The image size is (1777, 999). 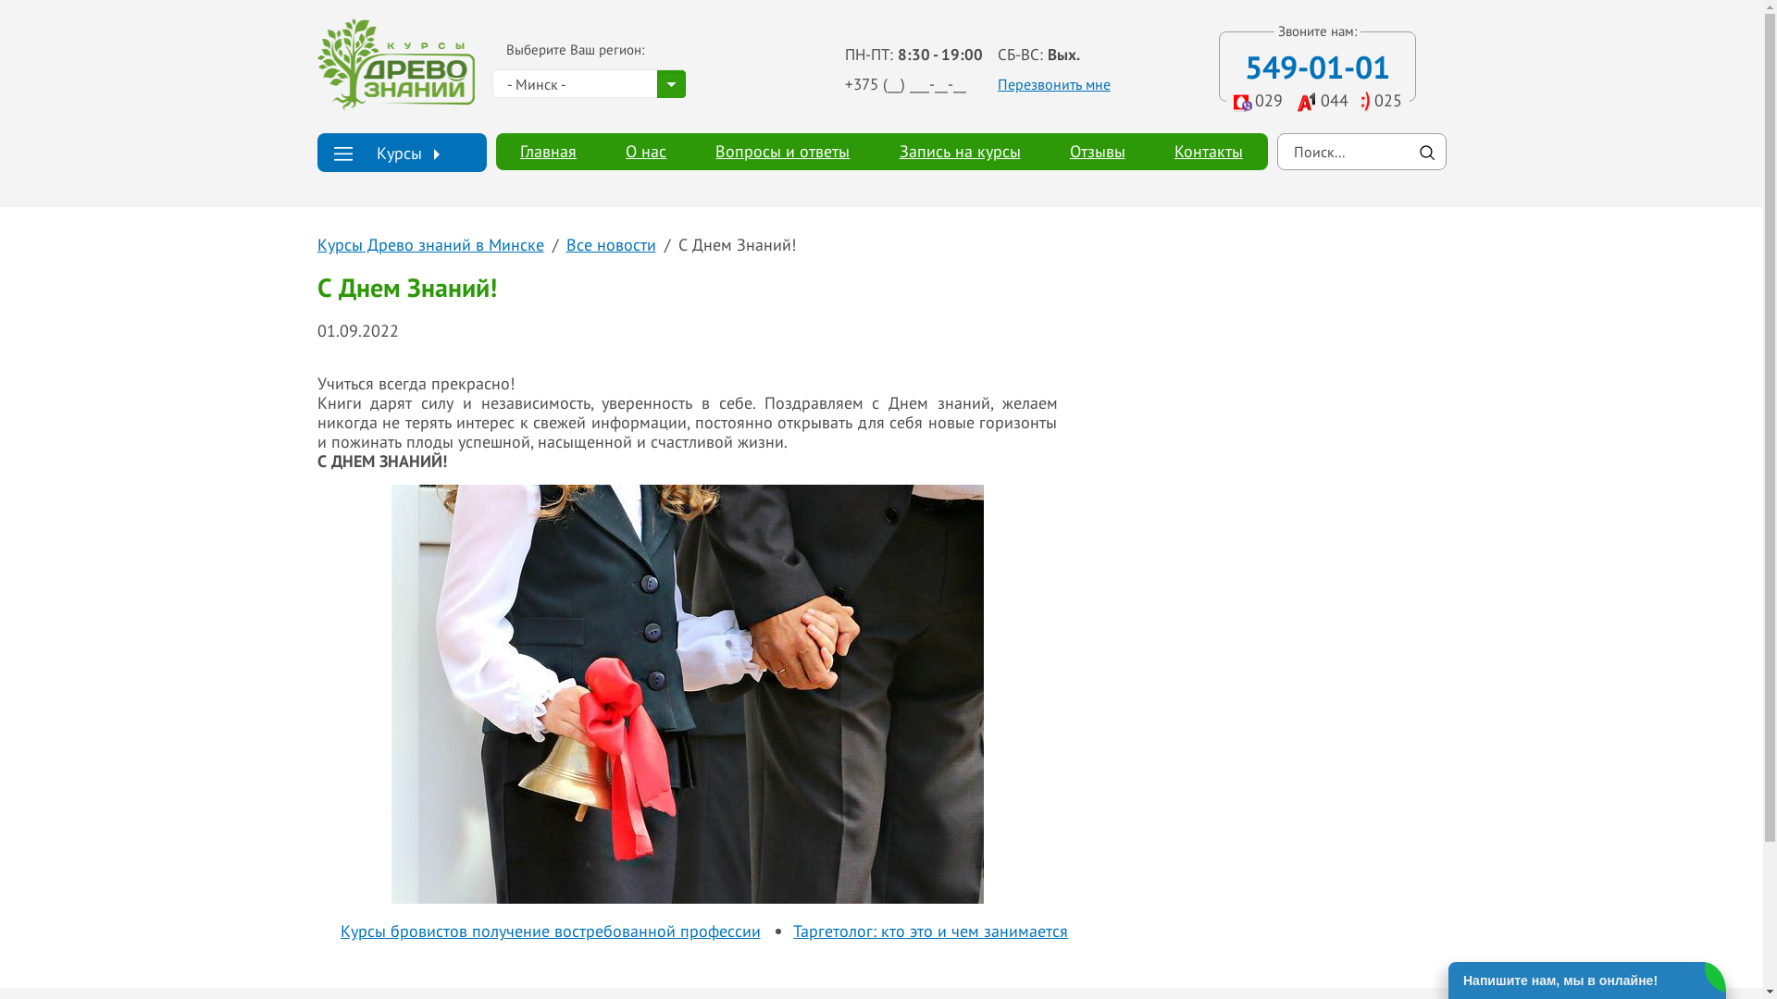 I want to click on '549-01-01', so click(x=1316, y=66).